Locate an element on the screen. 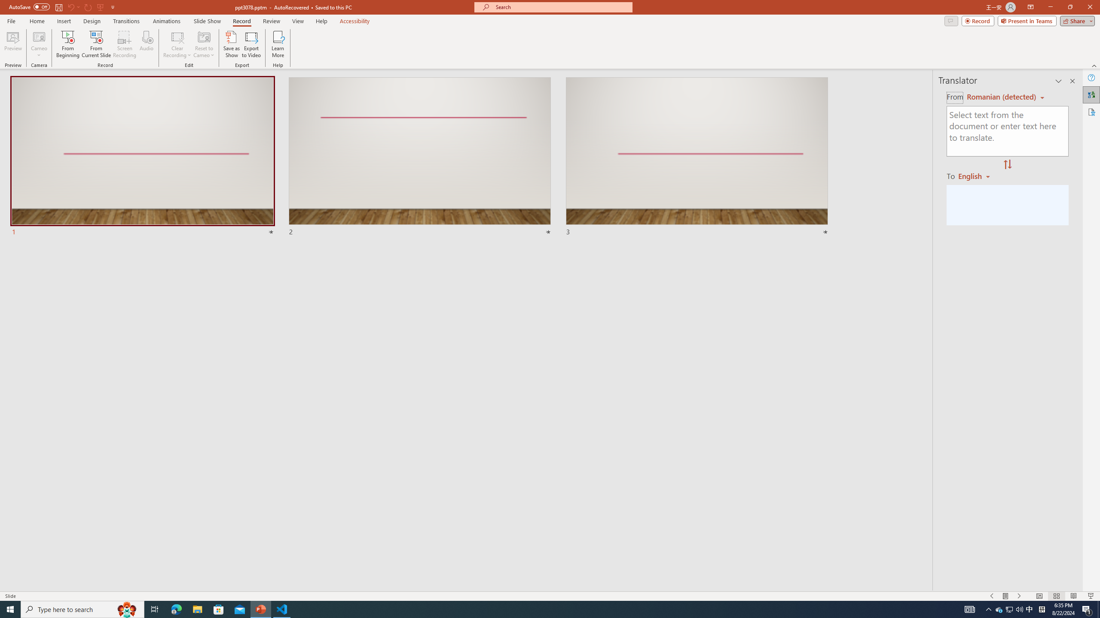 This screenshot has width=1100, height=618. 'Romanian' is located at coordinates (977, 176).